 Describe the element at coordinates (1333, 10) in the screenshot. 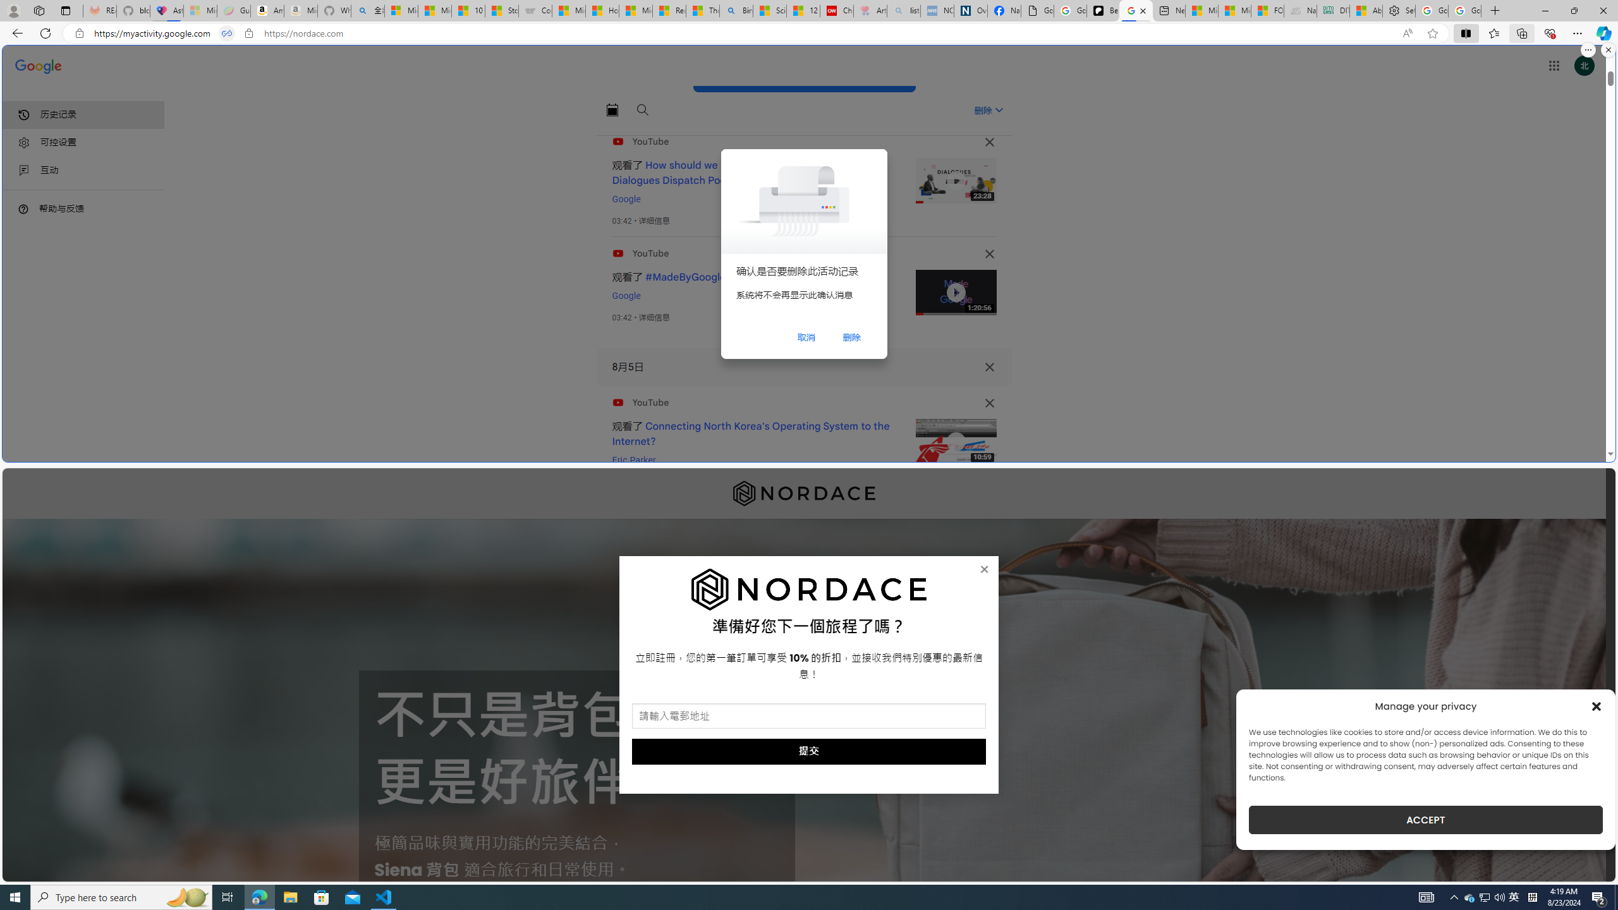

I see `'DITOGAMES AG Imprint'` at that location.